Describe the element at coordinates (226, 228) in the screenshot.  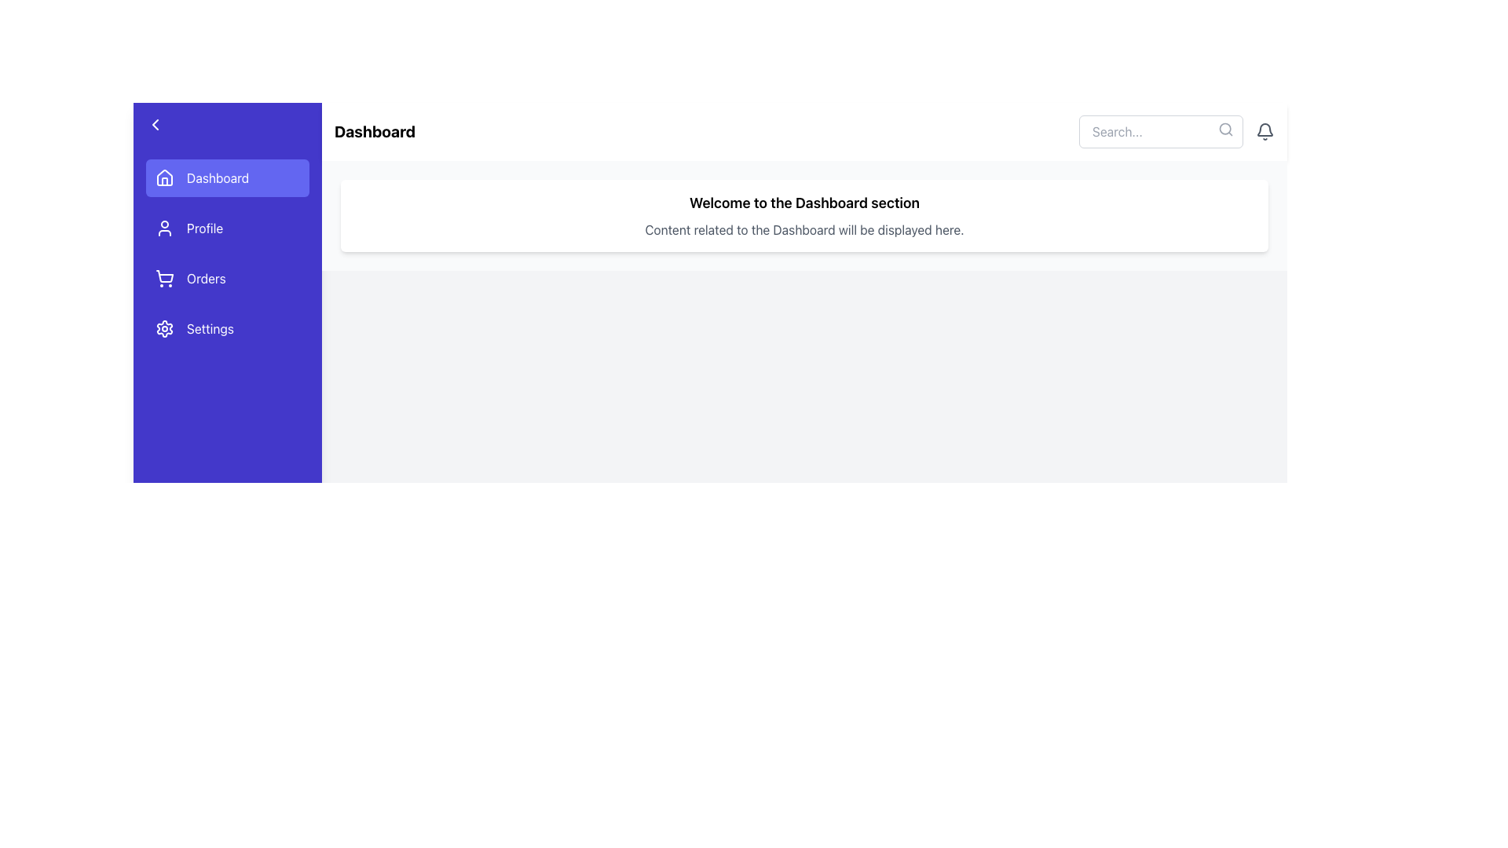
I see `the 'Profile' navigation button located in the vertical menu on the left side of the interface, which is positioned below the 'Dashboard' and above the 'Orders' menu items` at that location.